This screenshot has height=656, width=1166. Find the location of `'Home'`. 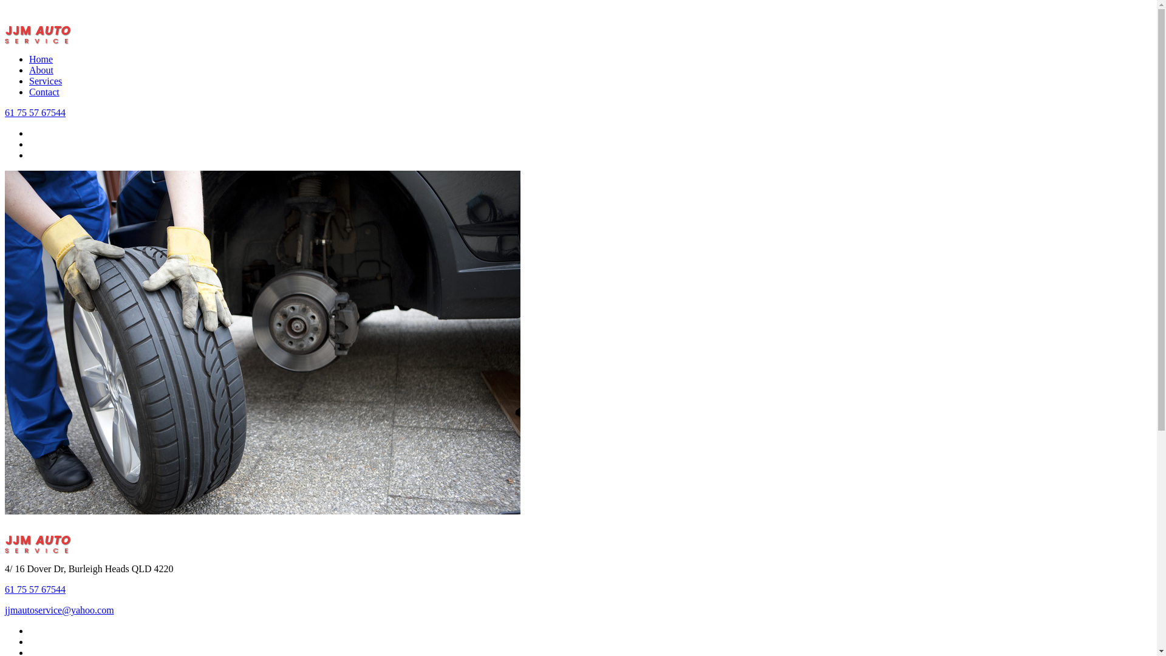

'Home' is located at coordinates (41, 59).